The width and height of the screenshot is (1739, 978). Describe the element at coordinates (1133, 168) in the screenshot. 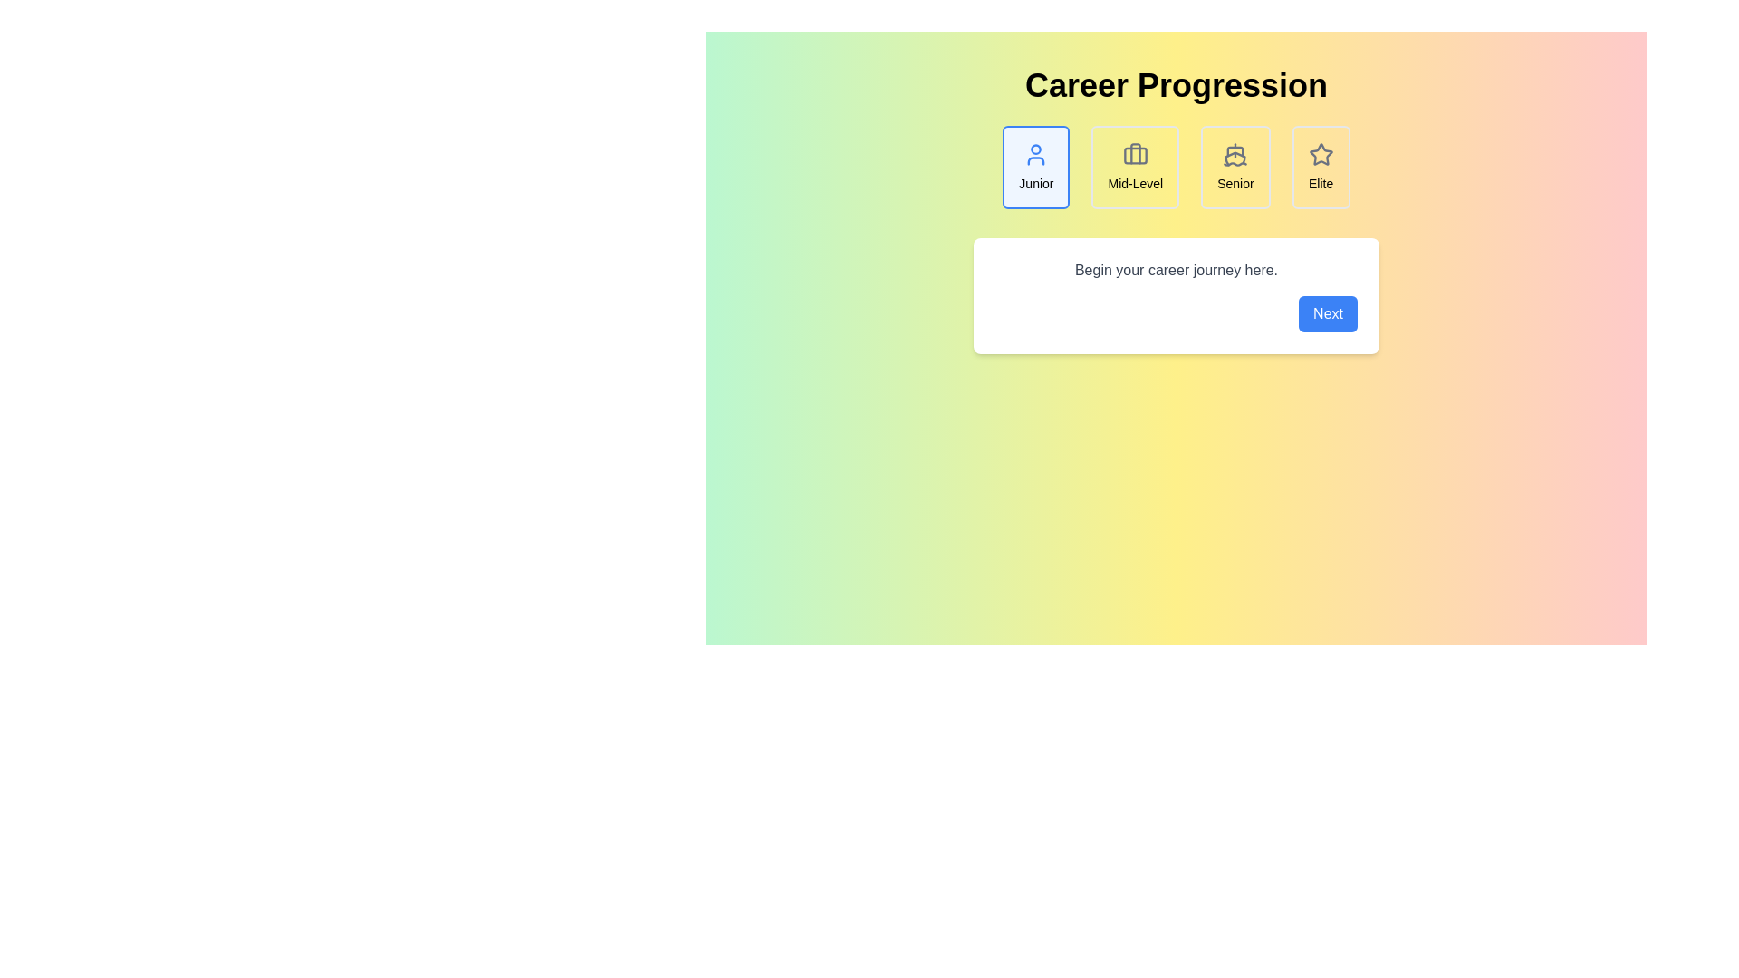

I see `the Mid-Level career step to view its details` at that location.